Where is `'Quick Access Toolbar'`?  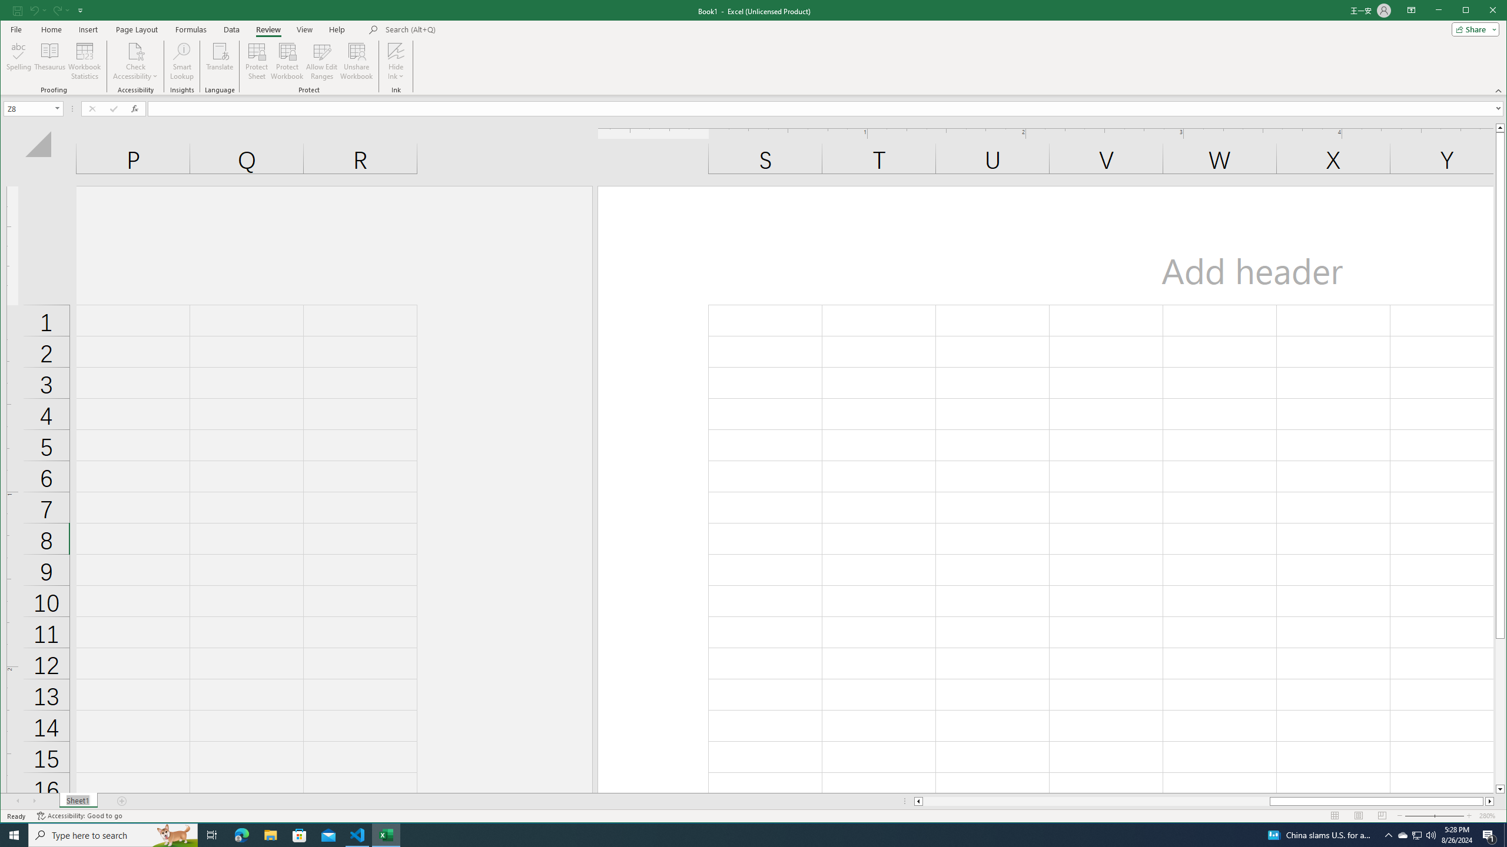
'Quick Access Toolbar' is located at coordinates (48, 11).